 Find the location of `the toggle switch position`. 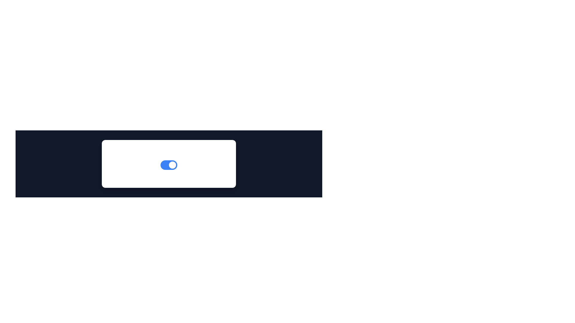

the toggle switch position is located at coordinates (171, 165).